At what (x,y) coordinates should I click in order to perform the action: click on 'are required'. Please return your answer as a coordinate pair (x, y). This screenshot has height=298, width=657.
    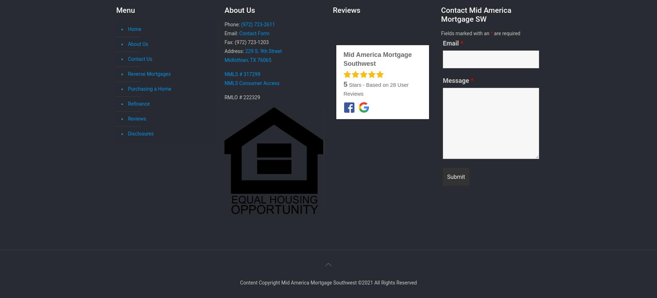
    Looking at the image, I should click on (506, 33).